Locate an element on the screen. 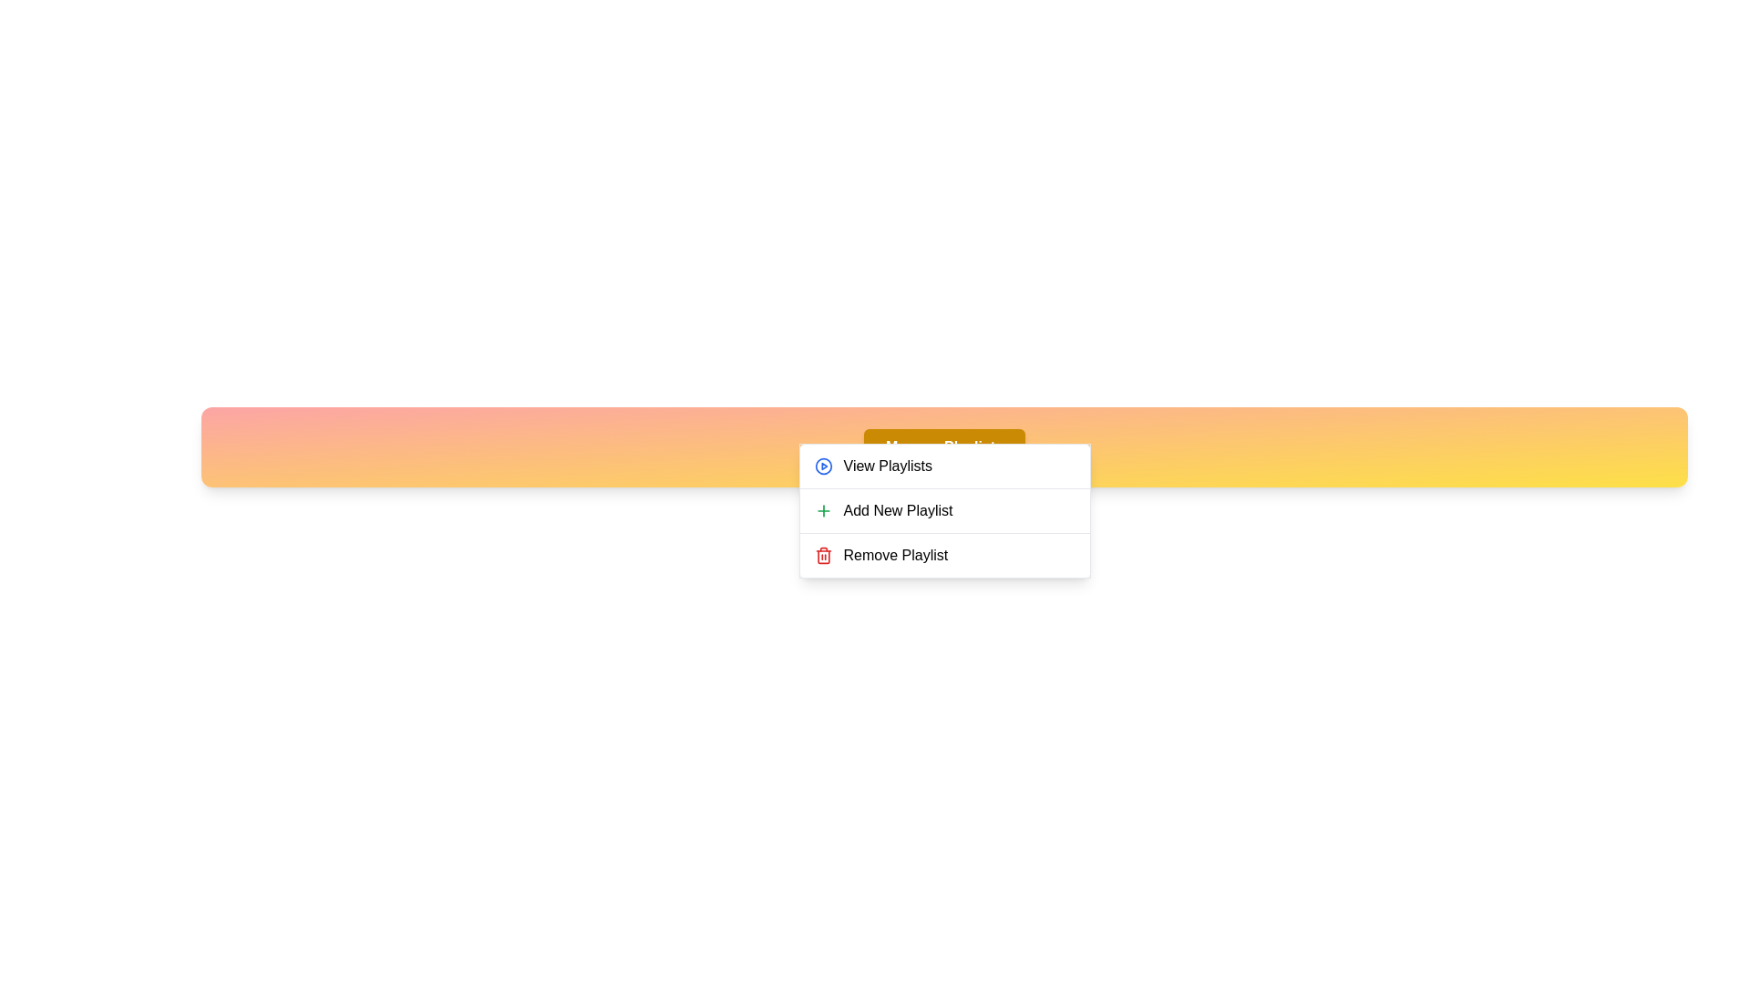 This screenshot has width=1750, height=984. the 'Remove Playlist' option in the menu is located at coordinates (944, 554).